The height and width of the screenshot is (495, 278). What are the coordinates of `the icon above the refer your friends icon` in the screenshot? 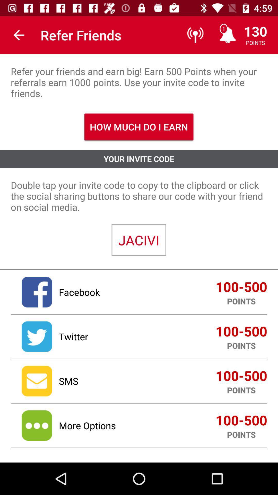 It's located at (19, 35).